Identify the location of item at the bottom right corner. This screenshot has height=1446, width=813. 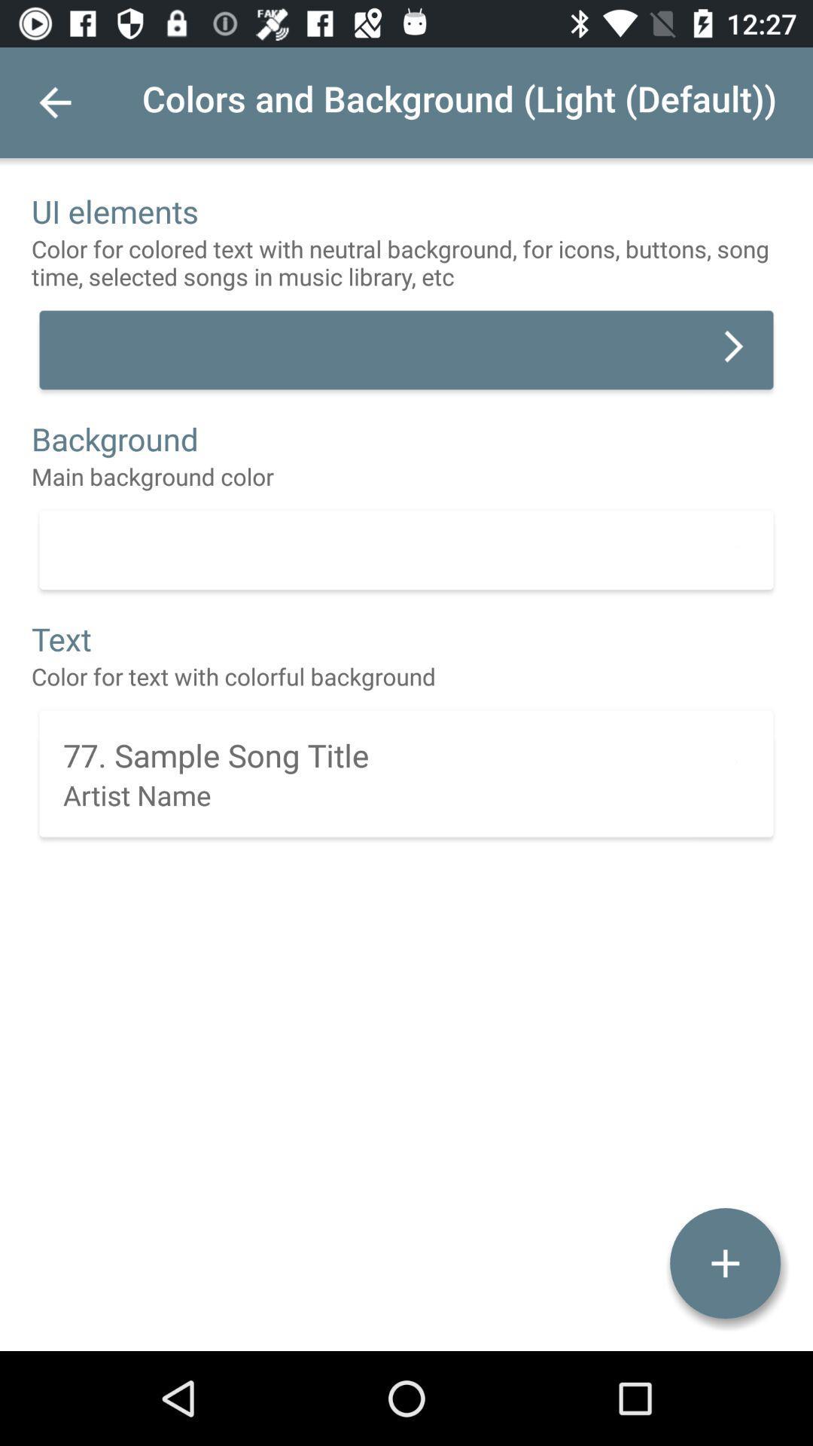
(724, 1263).